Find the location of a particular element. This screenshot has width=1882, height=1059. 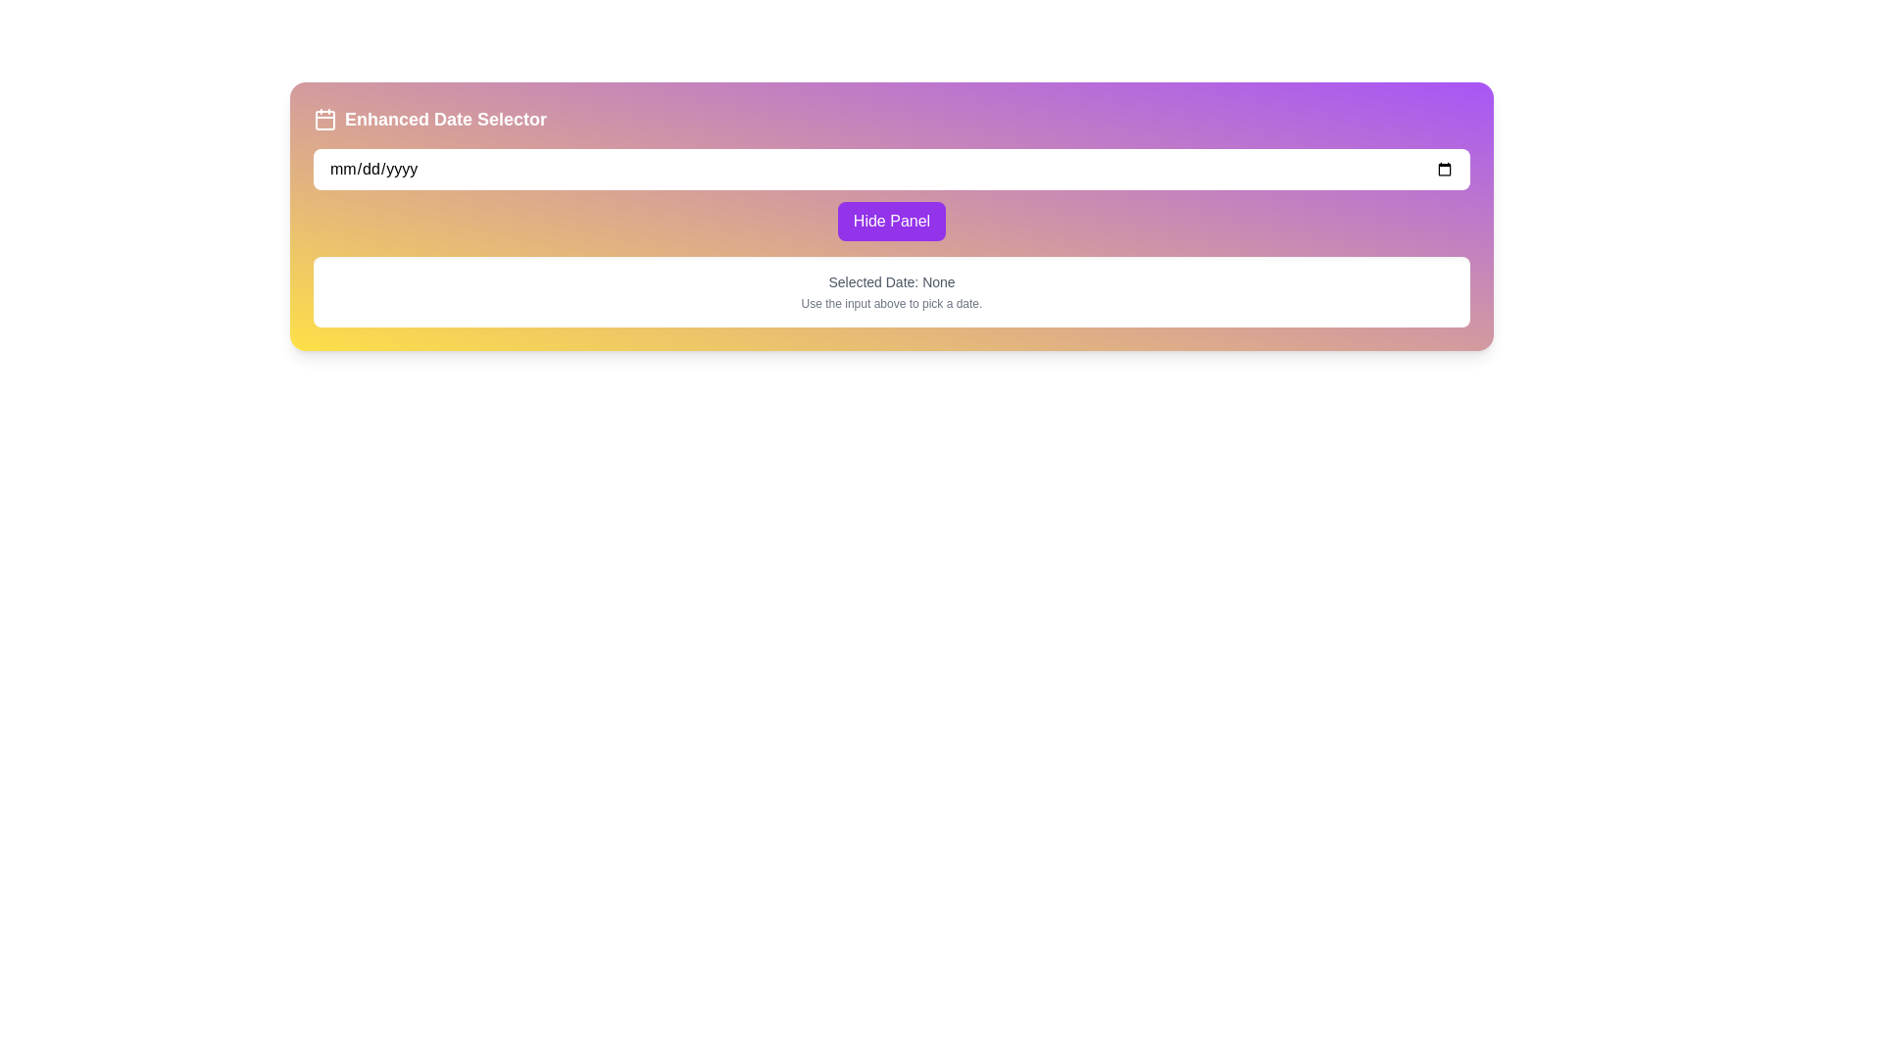

the rectangular button with a rounded shape that has a purple background and white text reading 'Hide Panel' to change its background color is located at coordinates (891, 221).